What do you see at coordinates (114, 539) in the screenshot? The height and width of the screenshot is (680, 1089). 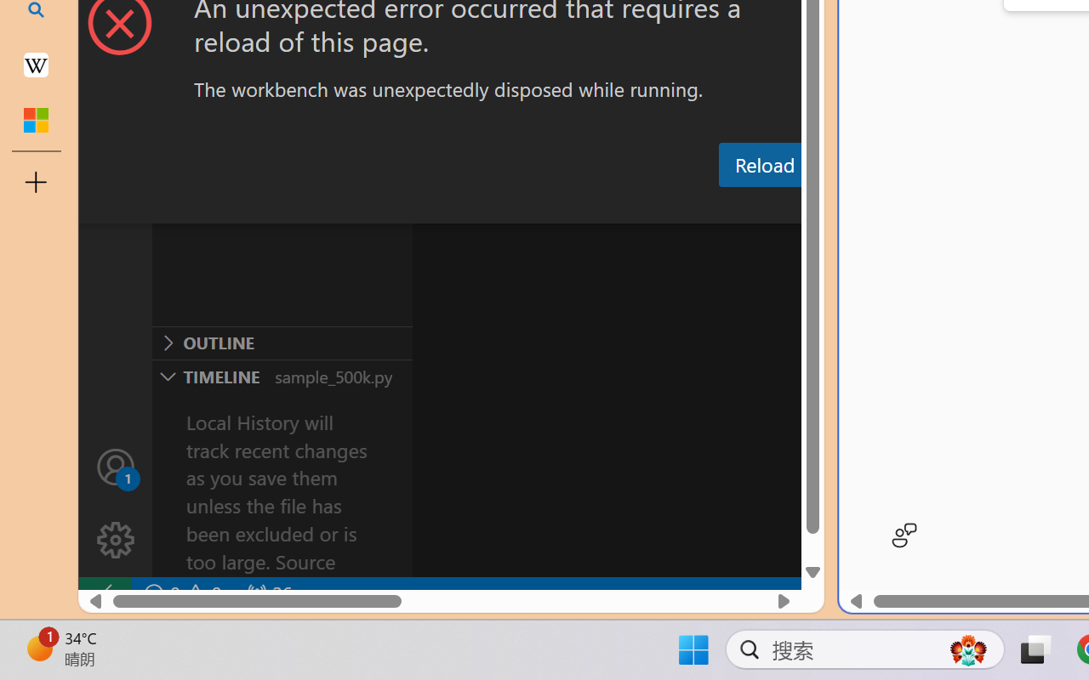 I see `'Manage'` at bounding box center [114, 539].